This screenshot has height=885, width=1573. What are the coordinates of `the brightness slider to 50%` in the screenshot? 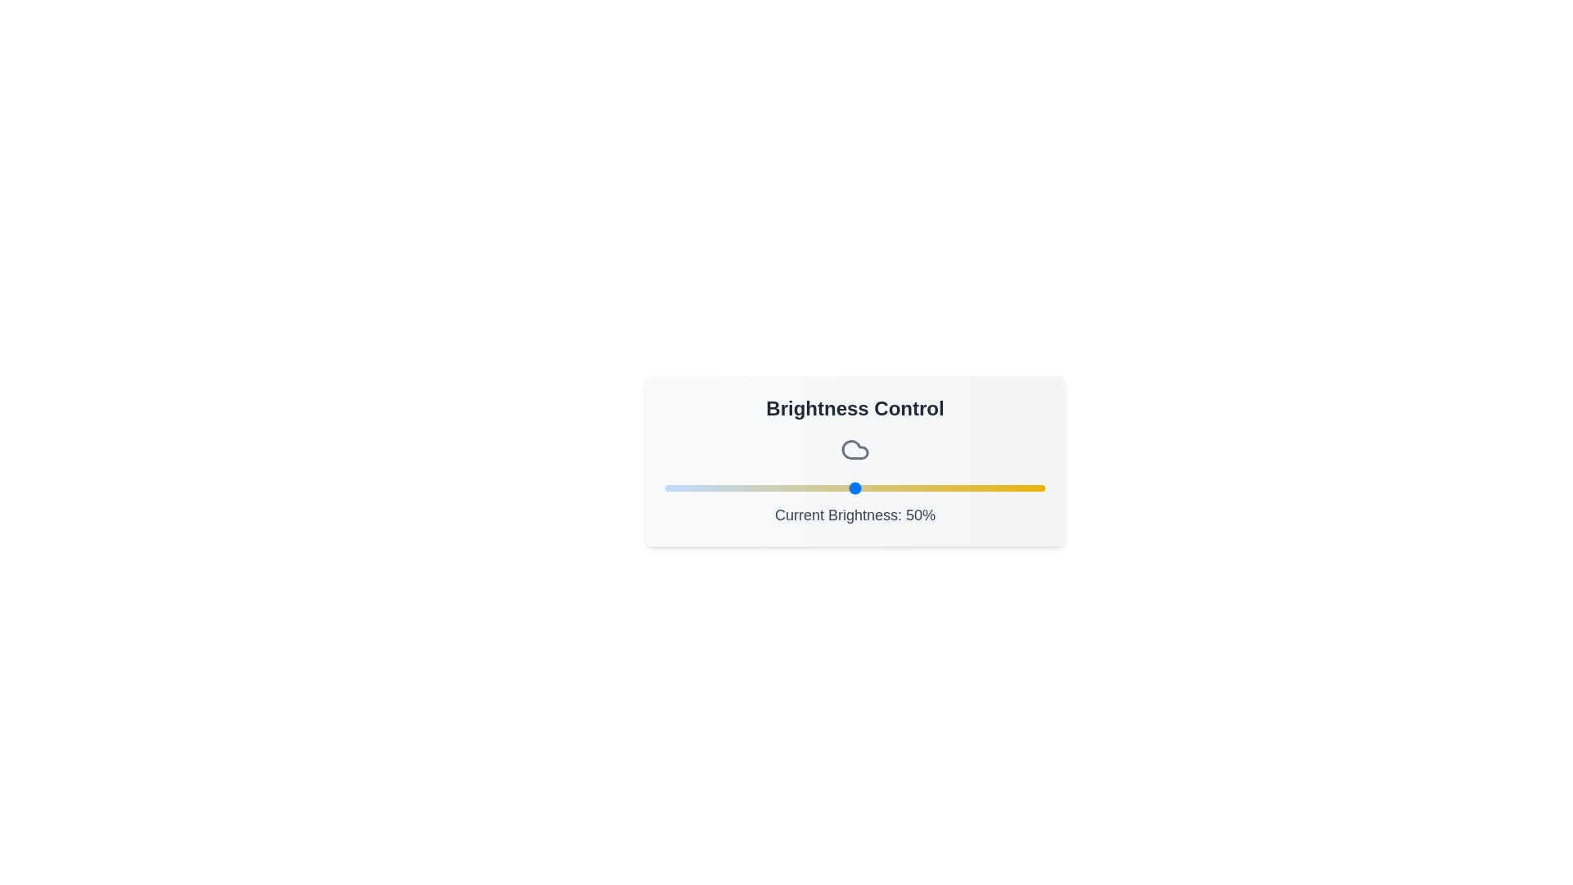 It's located at (854, 488).